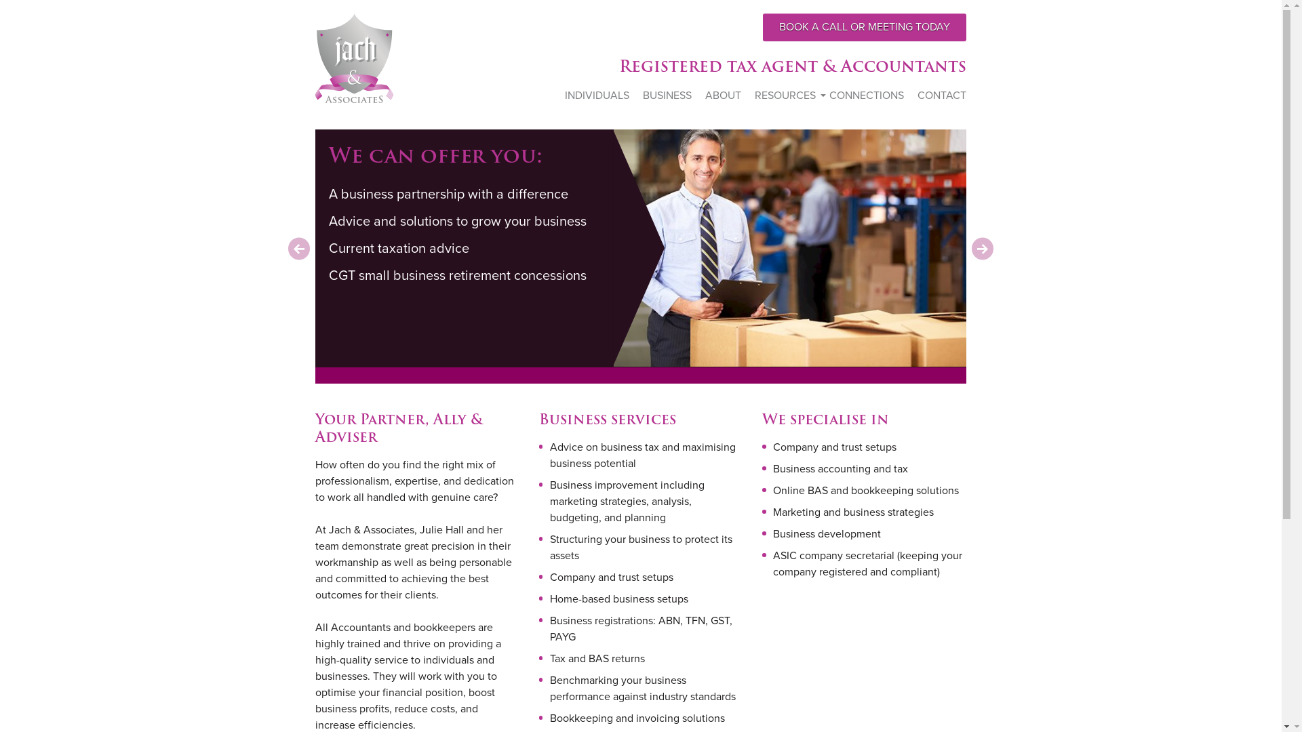  What do you see at coordinates (864, 27) in the screenshot?
I see `'BOOK A CALL OR MEETING TODAY'` at bounding box center [864, 27].